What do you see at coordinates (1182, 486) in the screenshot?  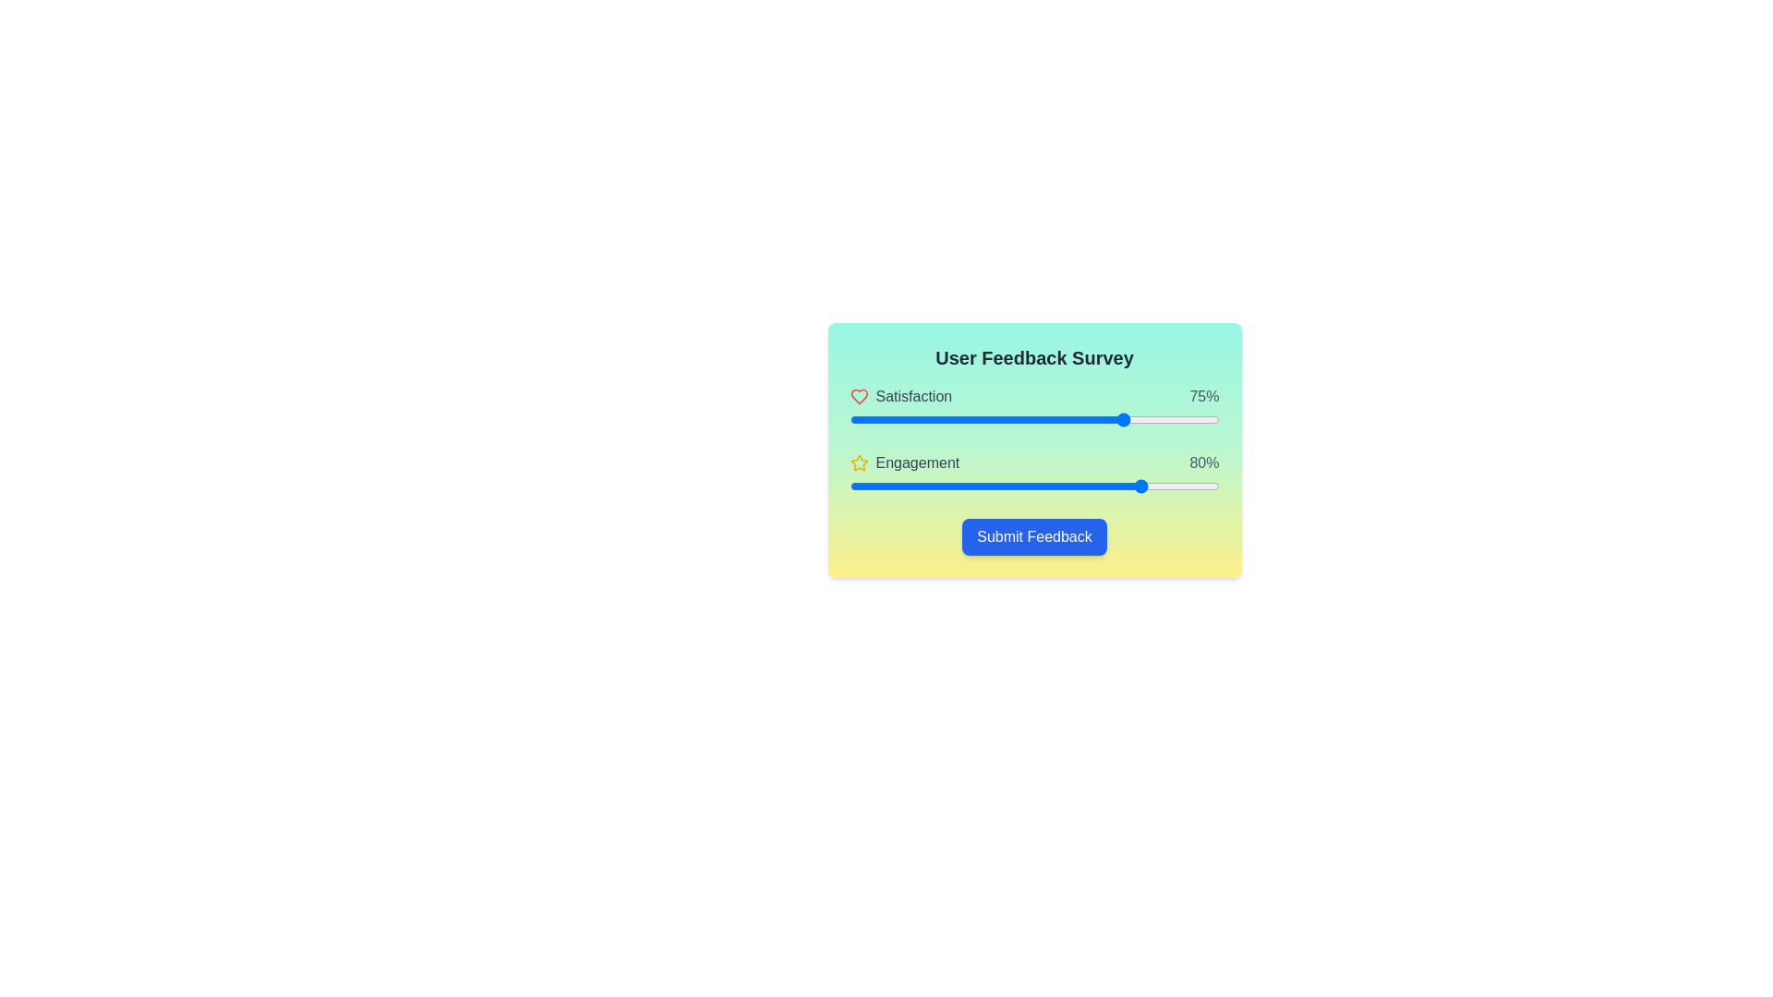 I see `the engagement slider to set its value to 90` at bounding box center [1182, 486].